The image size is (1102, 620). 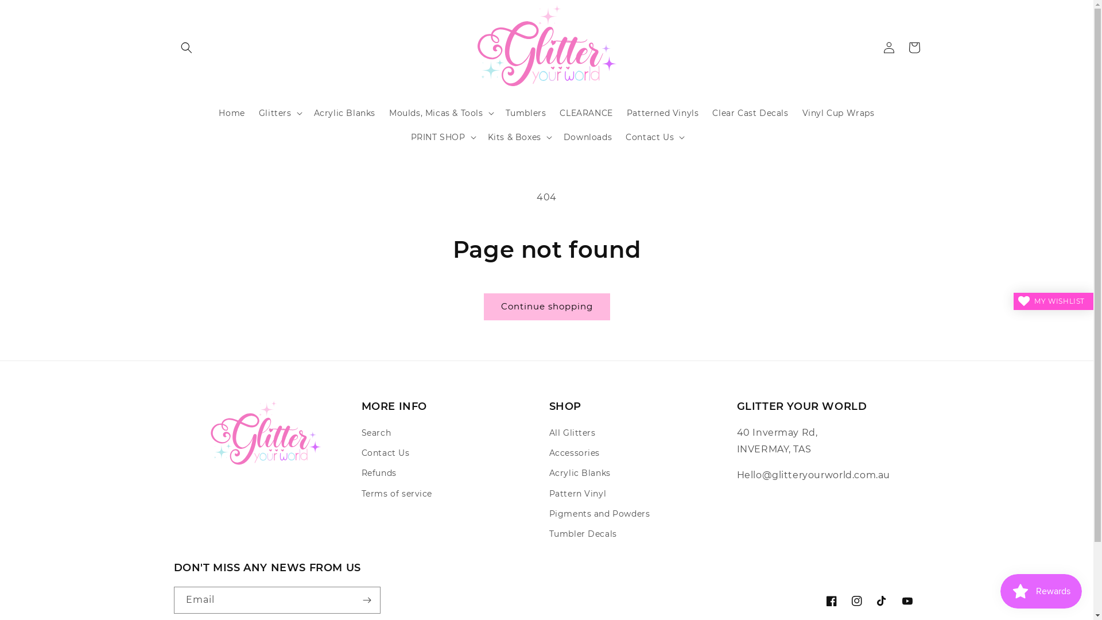 I want to click on 'TikTok', so click(x=881, y=600).